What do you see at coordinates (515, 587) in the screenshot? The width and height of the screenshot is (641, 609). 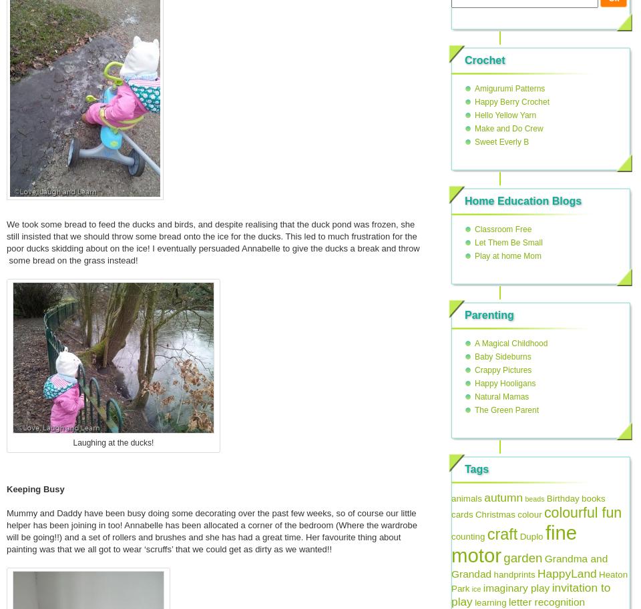 I see `'imaginary play'` at bounding box center [515, 587].